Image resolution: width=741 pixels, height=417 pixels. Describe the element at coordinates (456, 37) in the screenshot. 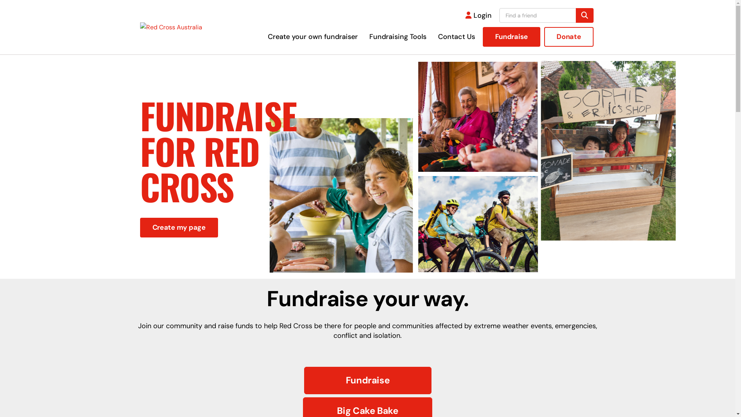

I see `'Contact Us'` at that location.